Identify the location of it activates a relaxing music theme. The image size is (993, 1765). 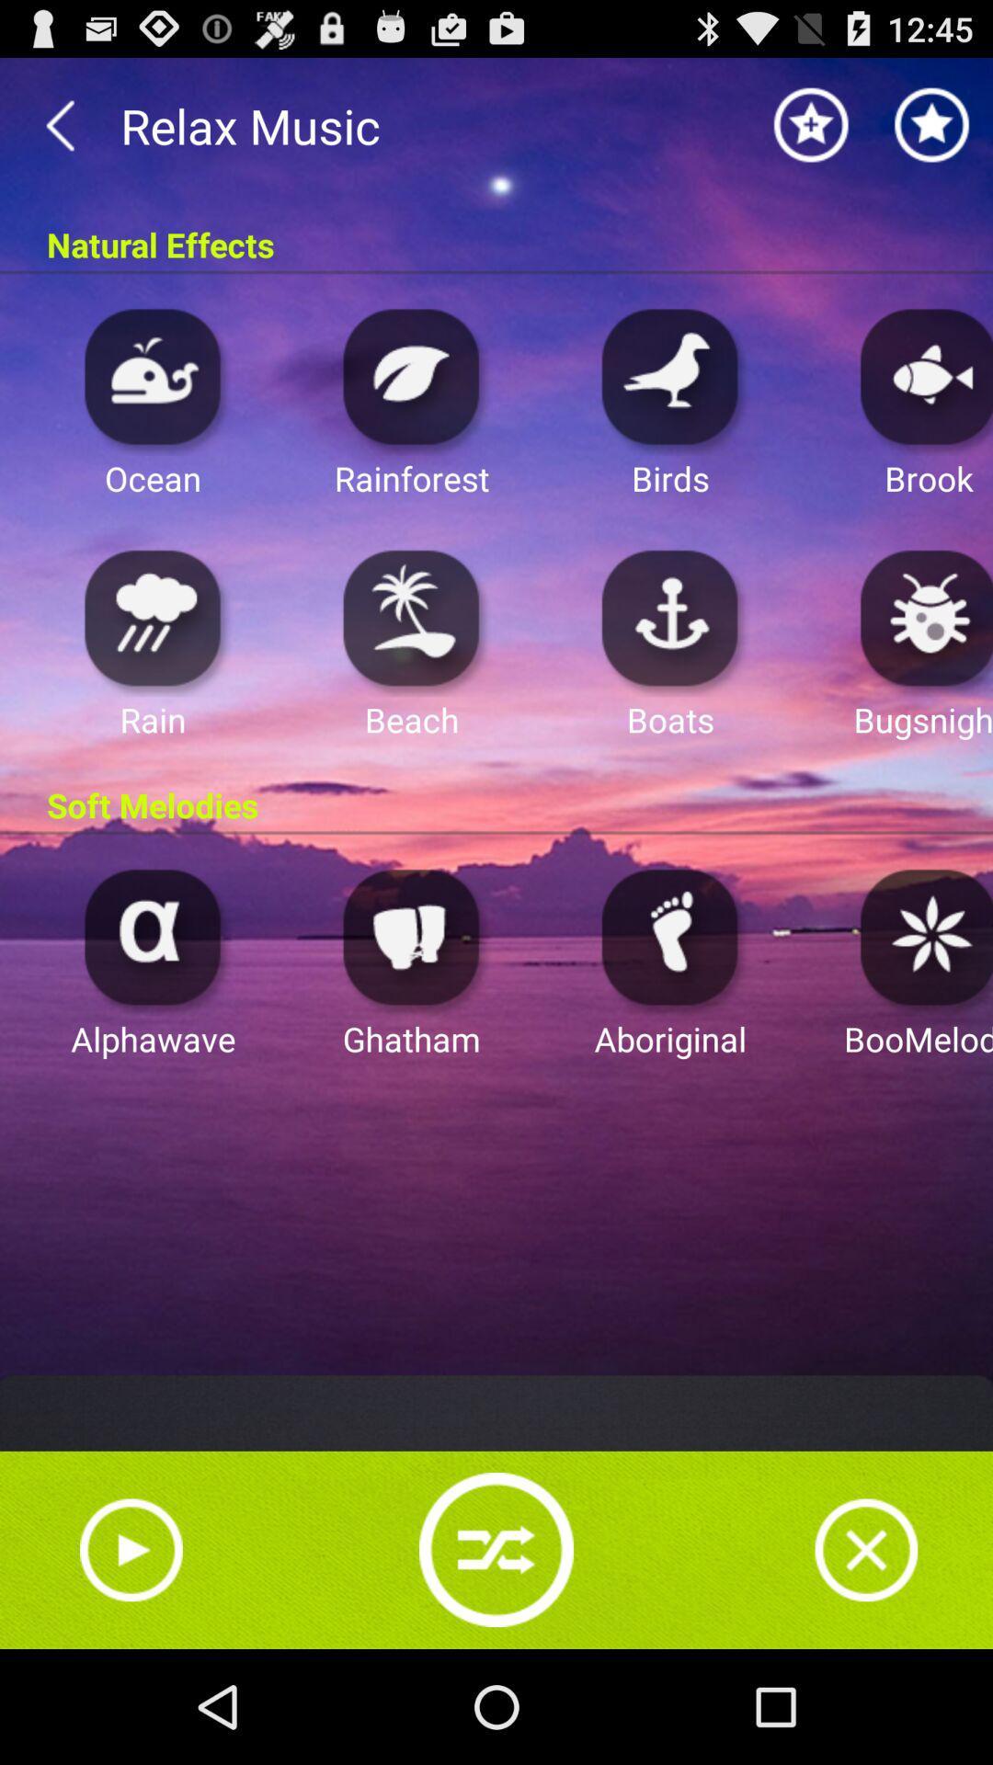
(411, 936).